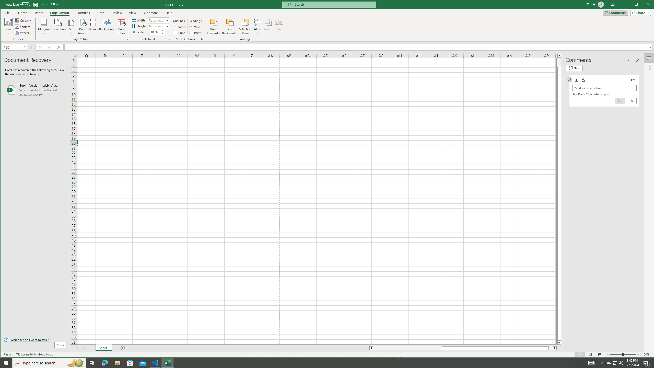 This screenshot has height=368, width=654. What do you see at coordinates (649, 68) in the screenshot?
I see `'Search'` at bounding box center [649, 68].